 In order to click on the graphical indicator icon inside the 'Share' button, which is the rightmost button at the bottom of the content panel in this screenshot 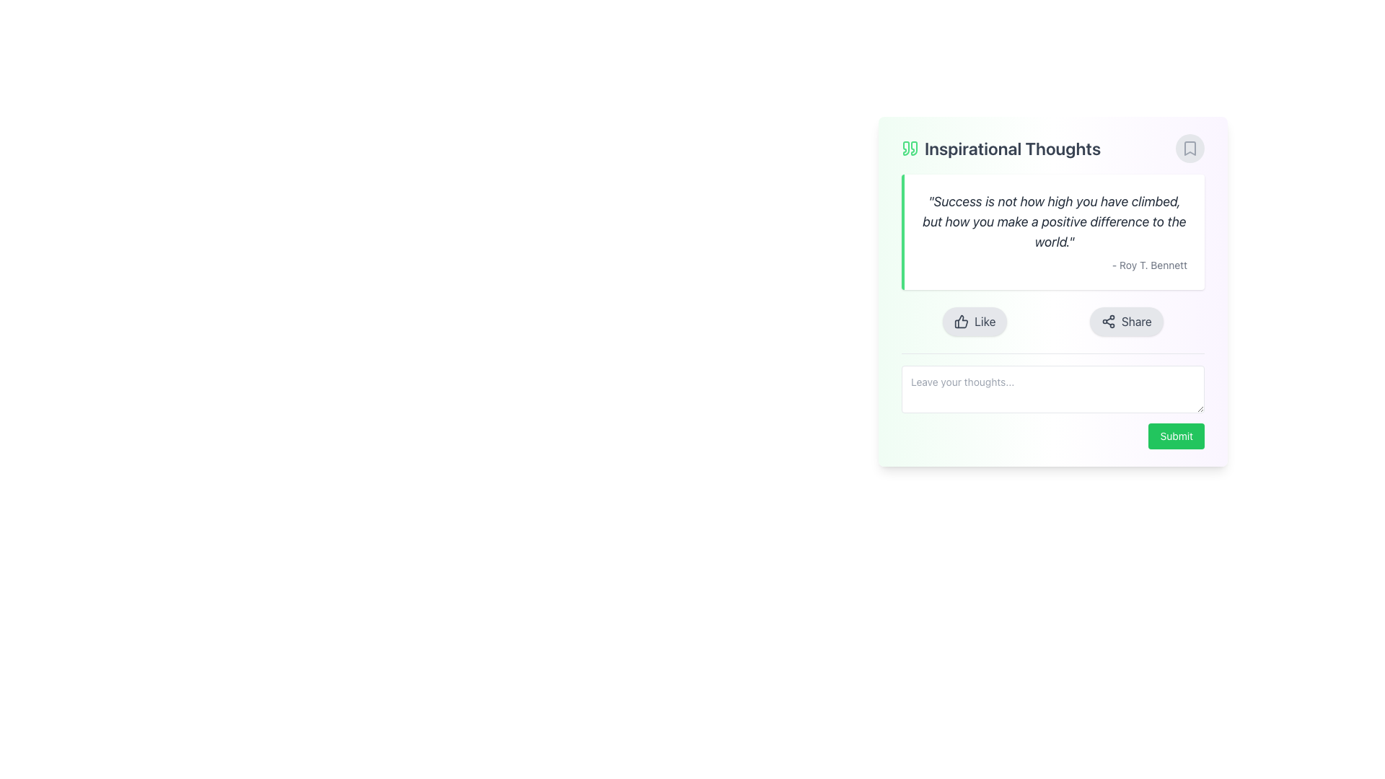, I will do `click(1107, 321)`.